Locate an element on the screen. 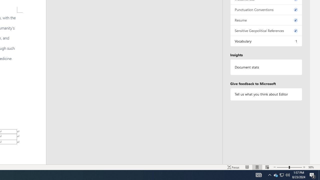  'Tell us what you think about Editor' is located at coordinates (266, 94).